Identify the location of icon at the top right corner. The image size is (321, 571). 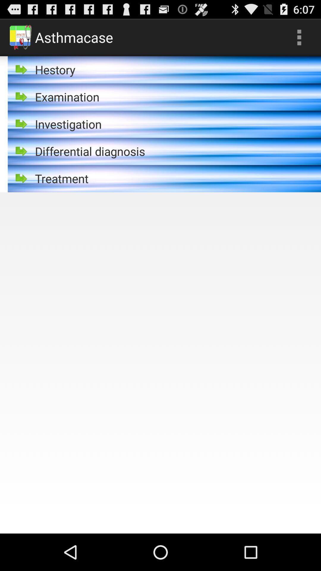
(299, 37).